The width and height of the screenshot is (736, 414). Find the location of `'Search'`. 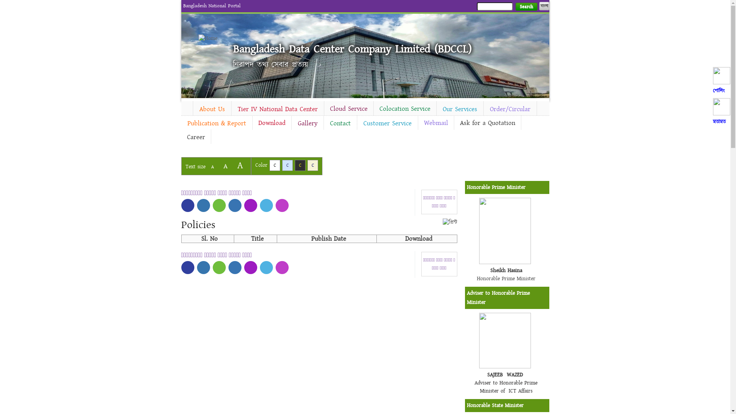

'Search' is located at coordinates (526, 7).